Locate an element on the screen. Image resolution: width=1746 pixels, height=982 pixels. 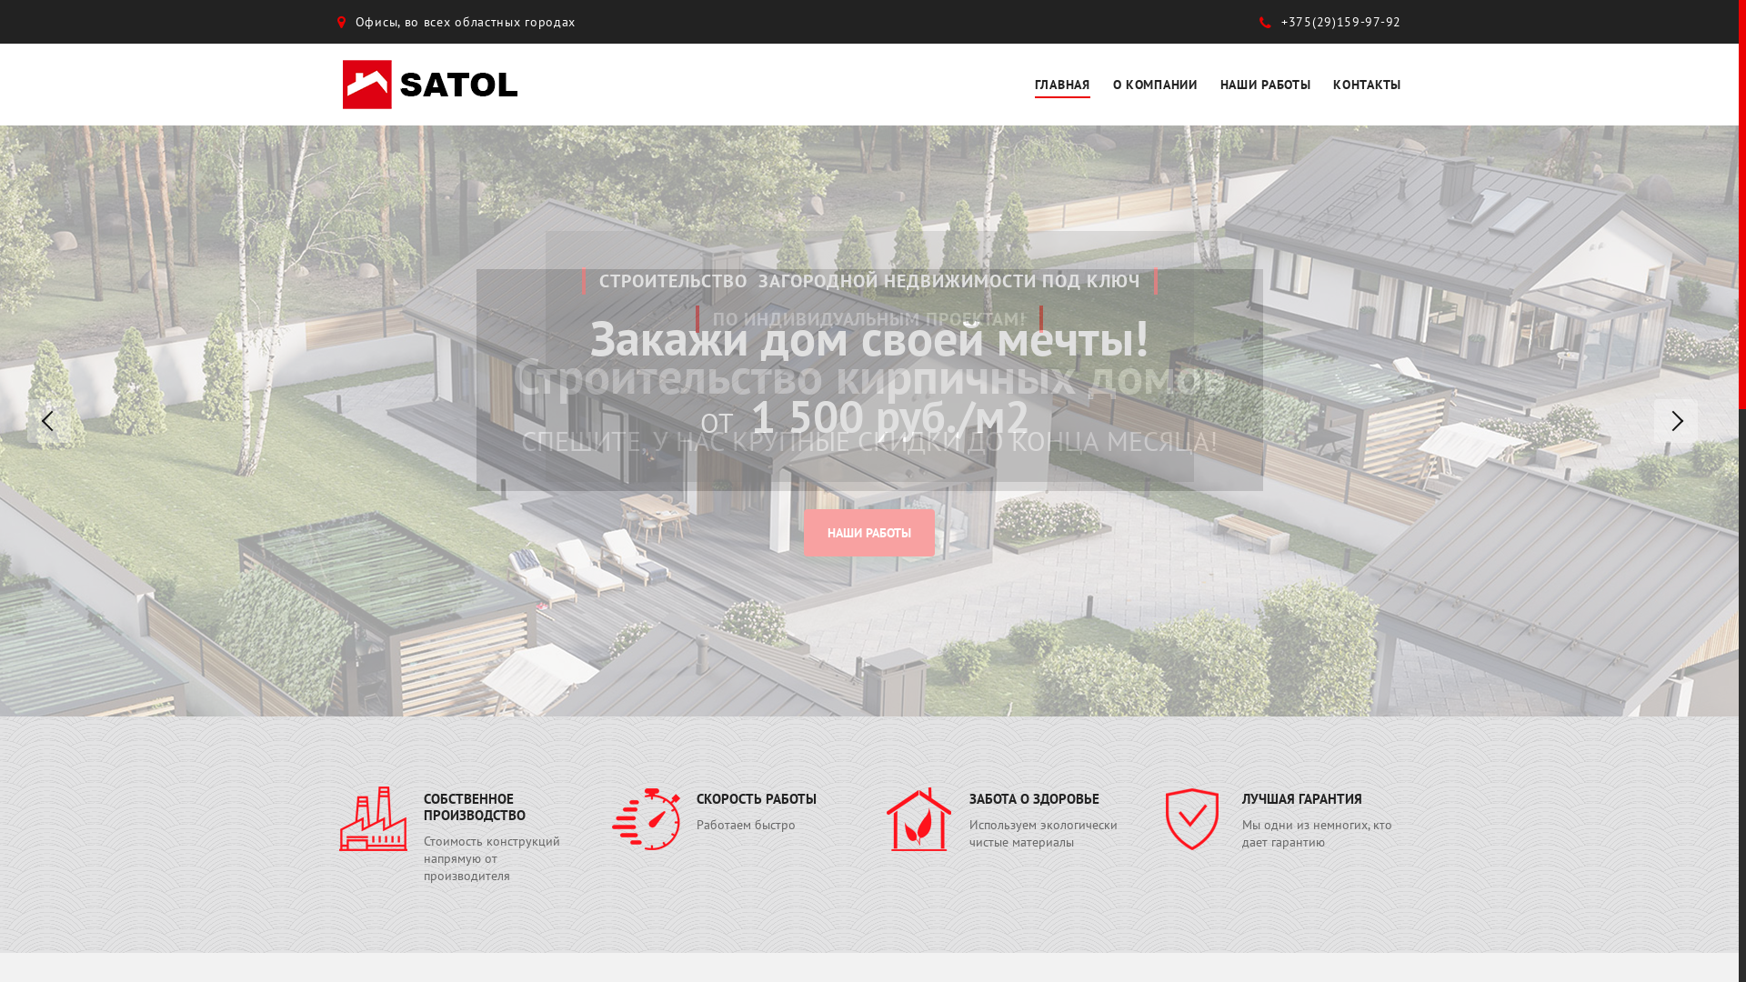
'+375(29)159-97-92' is located at coordinates (1330, 21).